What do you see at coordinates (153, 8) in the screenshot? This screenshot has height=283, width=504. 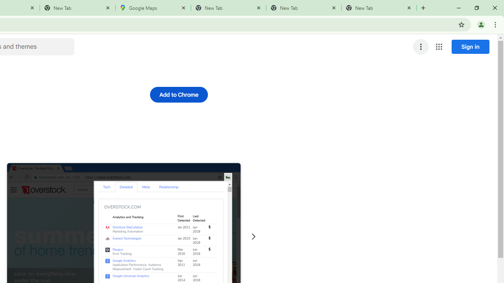 I see `'Google Maps'` at bounding box center [153, 8].